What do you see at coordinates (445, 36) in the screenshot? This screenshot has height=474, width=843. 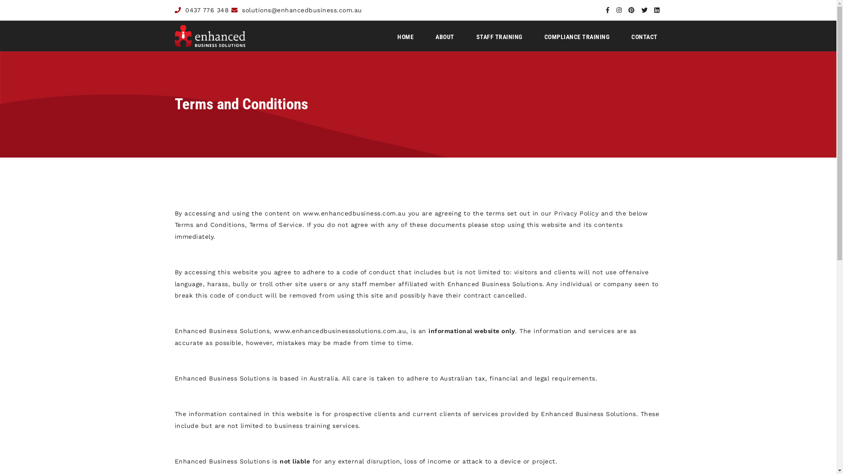 I see `'ABOUT'` at bounding box center [445, 36].